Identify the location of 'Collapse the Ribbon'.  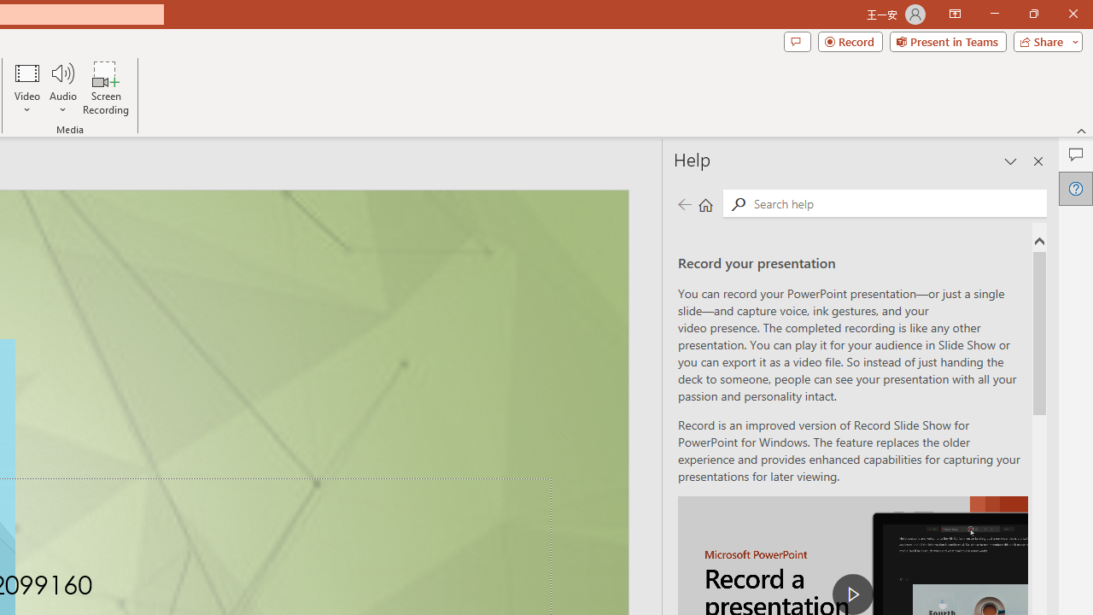
(1081, 130).